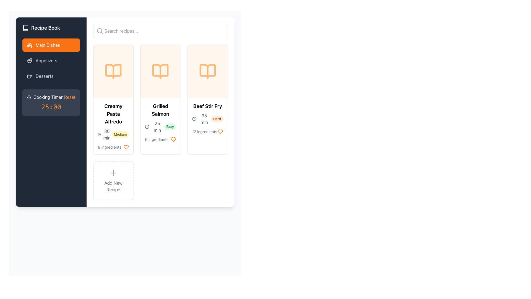 This screenshot has height=299, width=531. What do you see at coordinates (51, 107) in the screenshot?
I see `the static text display that shows the timer value of '25:00' in a large, bold, monospaced font with orange color, located below the 'Cooking Timer Reset' text in the left sidebar` at bounding box center [51, 107].